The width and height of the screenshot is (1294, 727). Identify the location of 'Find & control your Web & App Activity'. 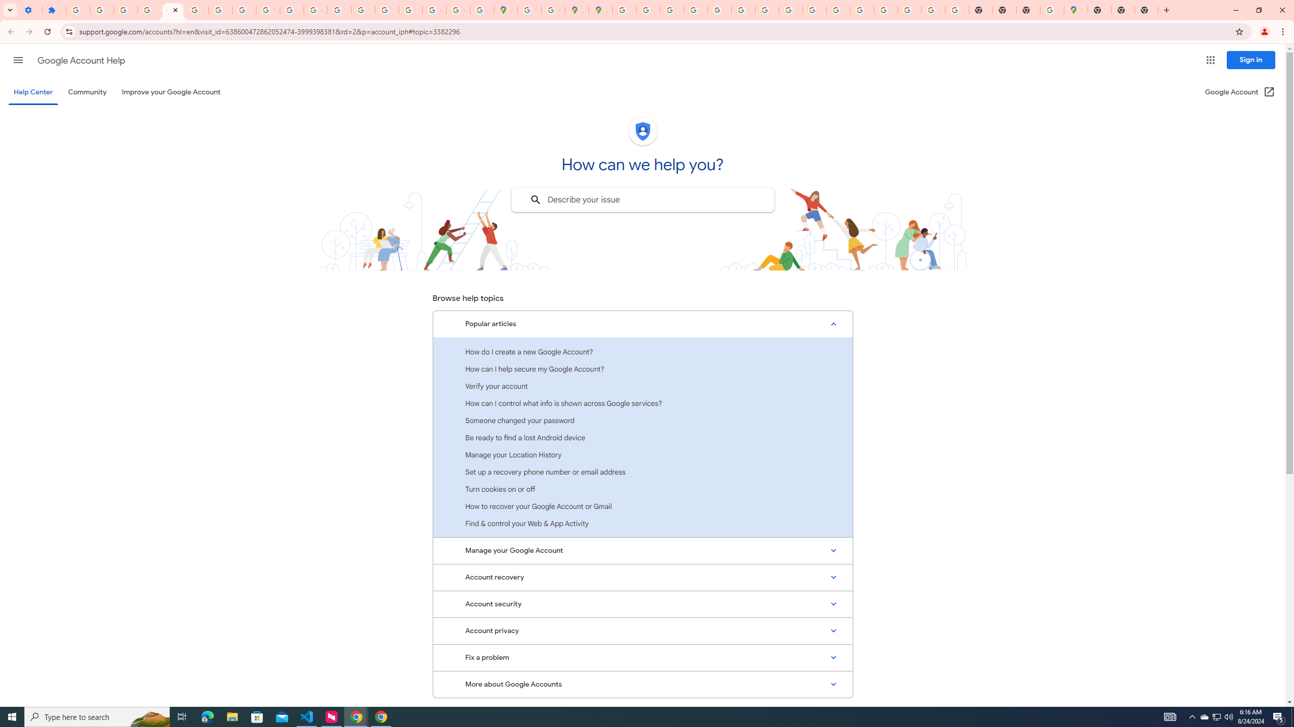
(642, 523).